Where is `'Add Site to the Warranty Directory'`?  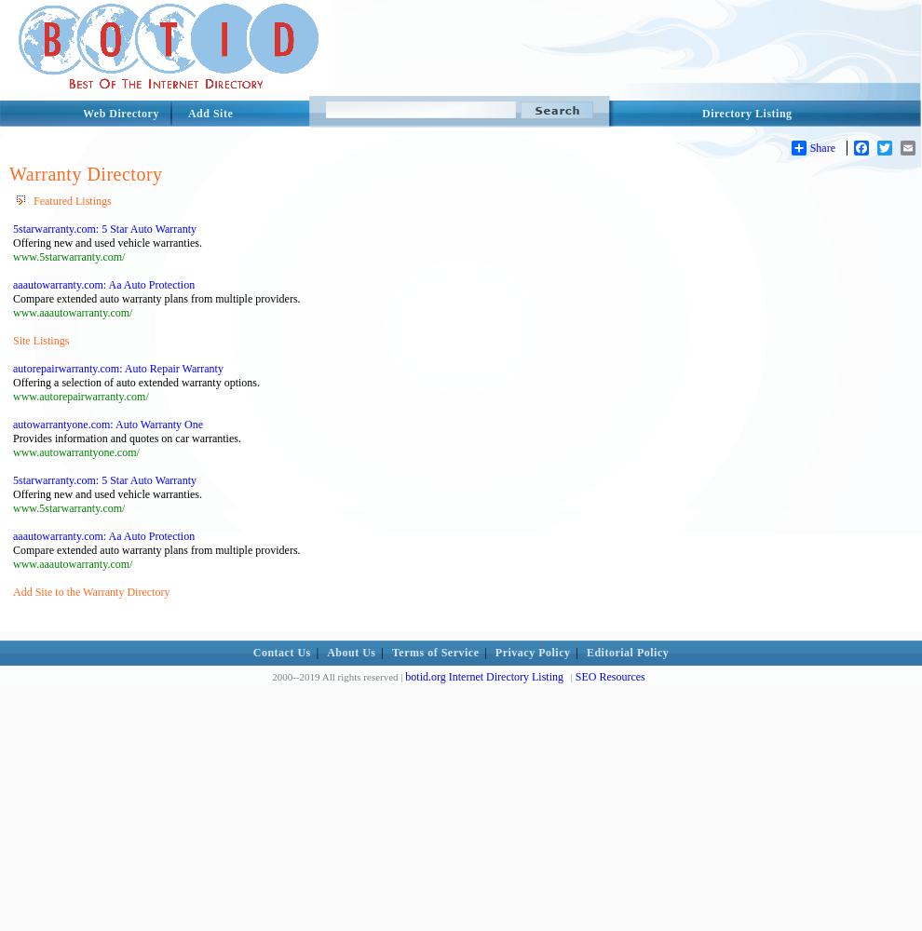
'Add Site to the Warranty Directory' is located at coordinates (11, 592).